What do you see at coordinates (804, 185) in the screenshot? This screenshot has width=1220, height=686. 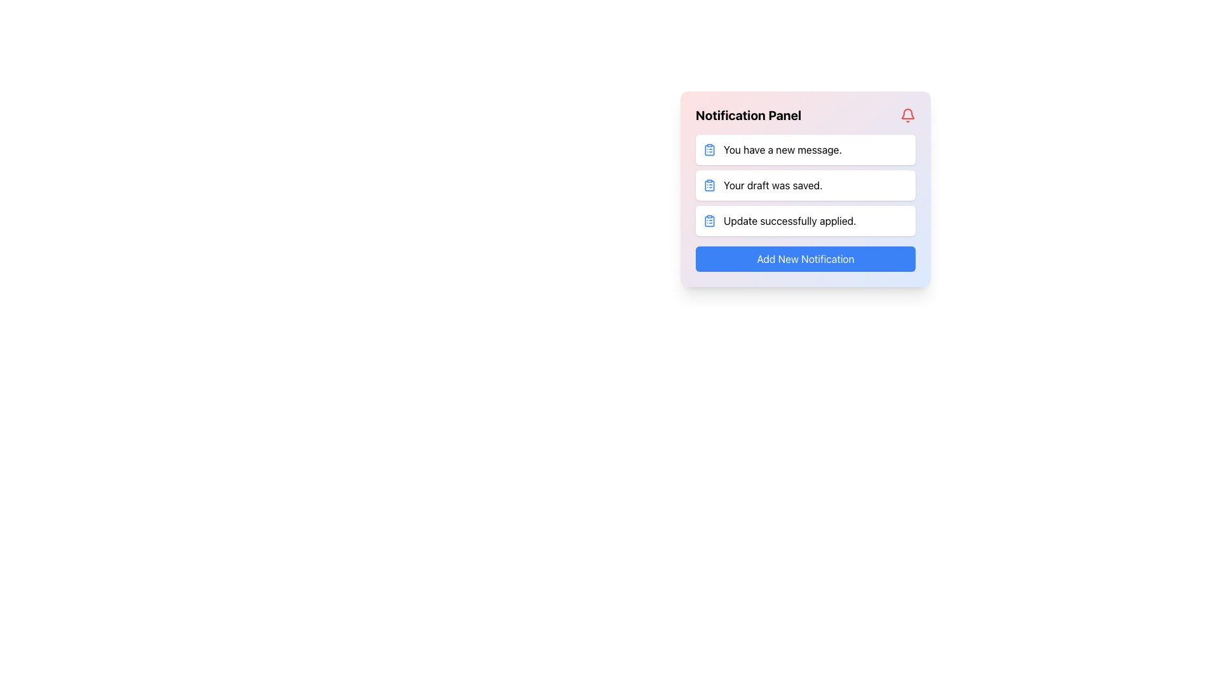 I see `the second notification item with the message 'Your draft was saved.'` at bounding box center [804, 185].